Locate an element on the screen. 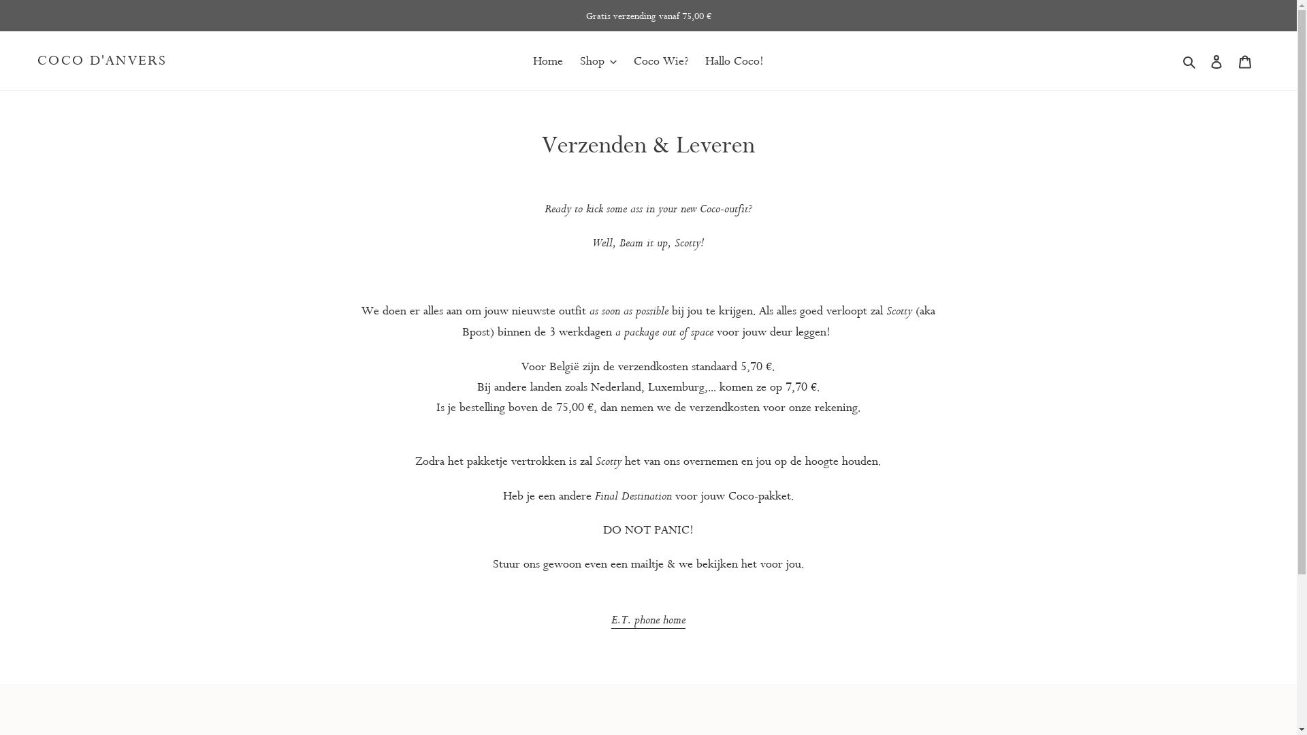 The height and width of the screenshot is (735, 1307). 'Zoeken' is located at coordinates (1178, 59).